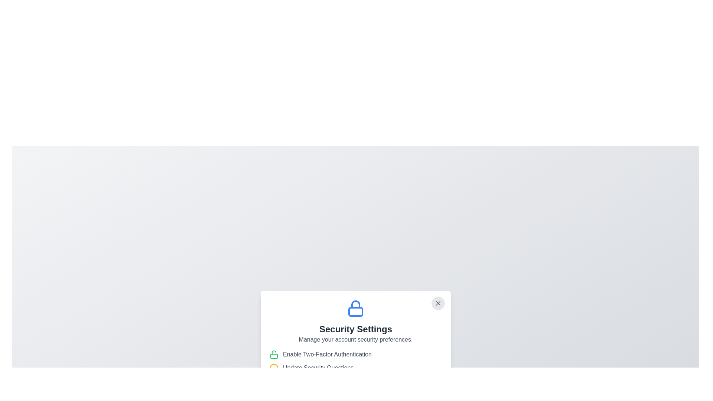  What do you see at coordinates (318, 368) in the screenshot?
I see `label displaying 'Update Security Questions' which is styled in gray color and is located below its sibling icon in a modal interface` at bounding box center [318, 368].